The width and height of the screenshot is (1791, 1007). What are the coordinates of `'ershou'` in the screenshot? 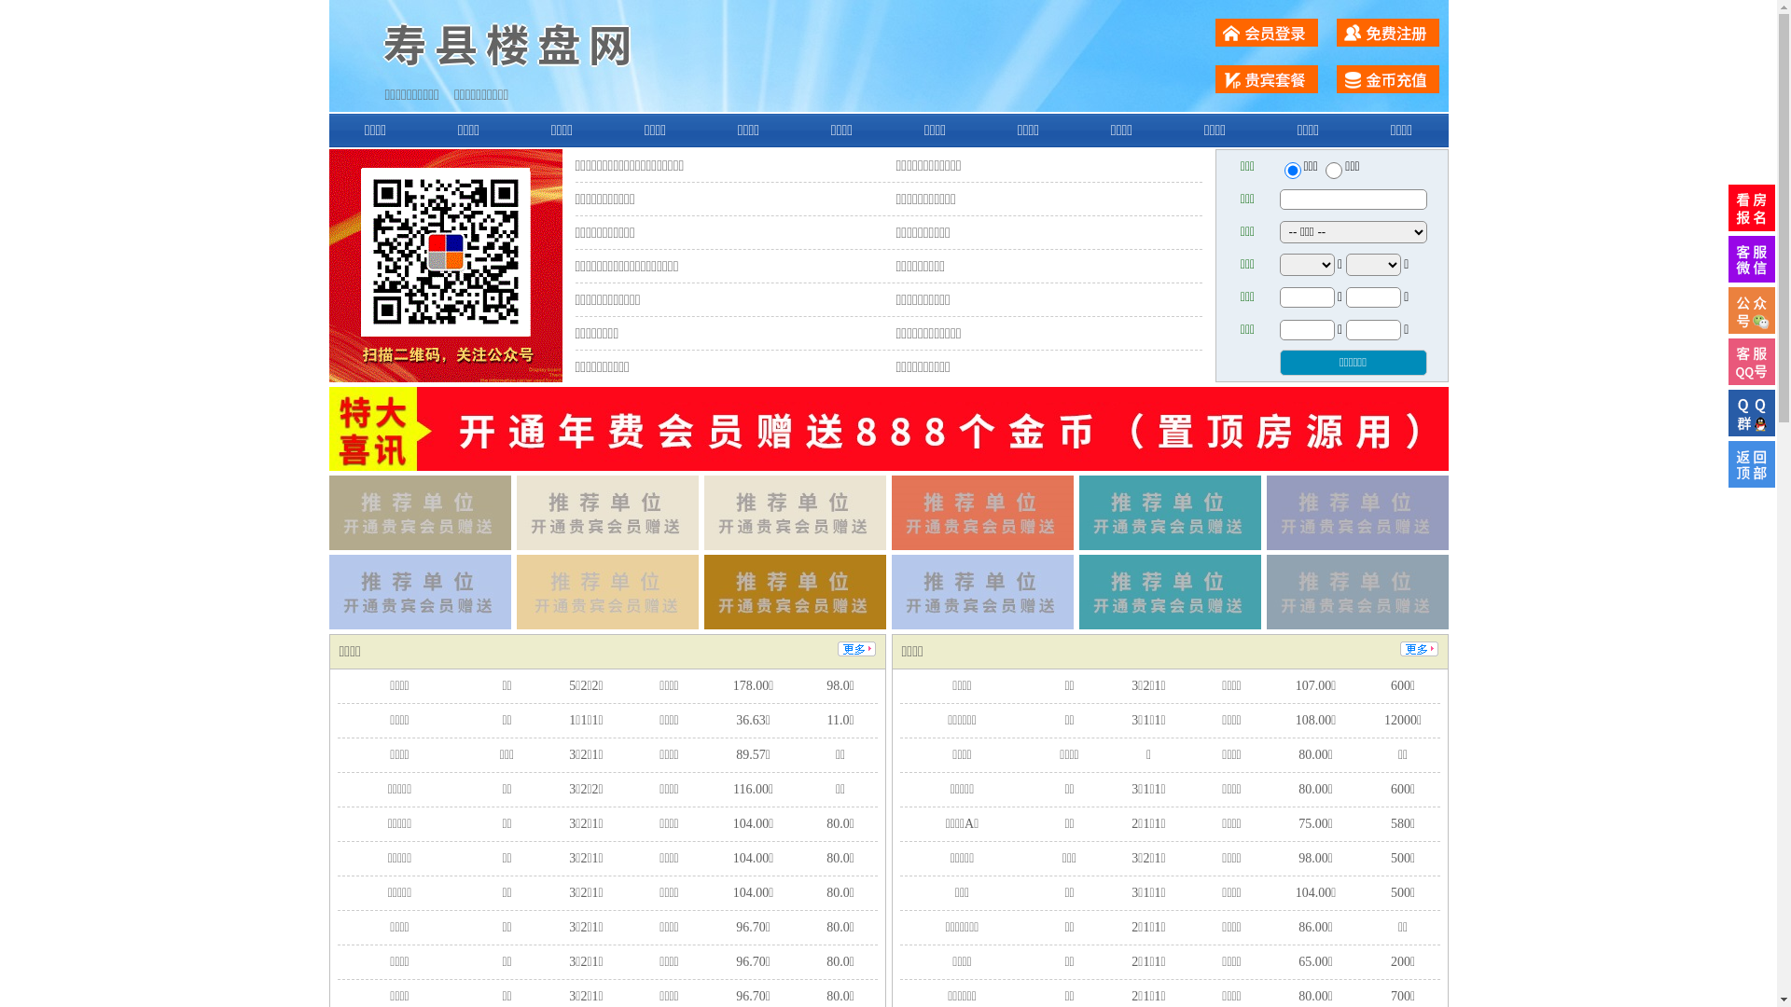 It's located at (1291, 170).